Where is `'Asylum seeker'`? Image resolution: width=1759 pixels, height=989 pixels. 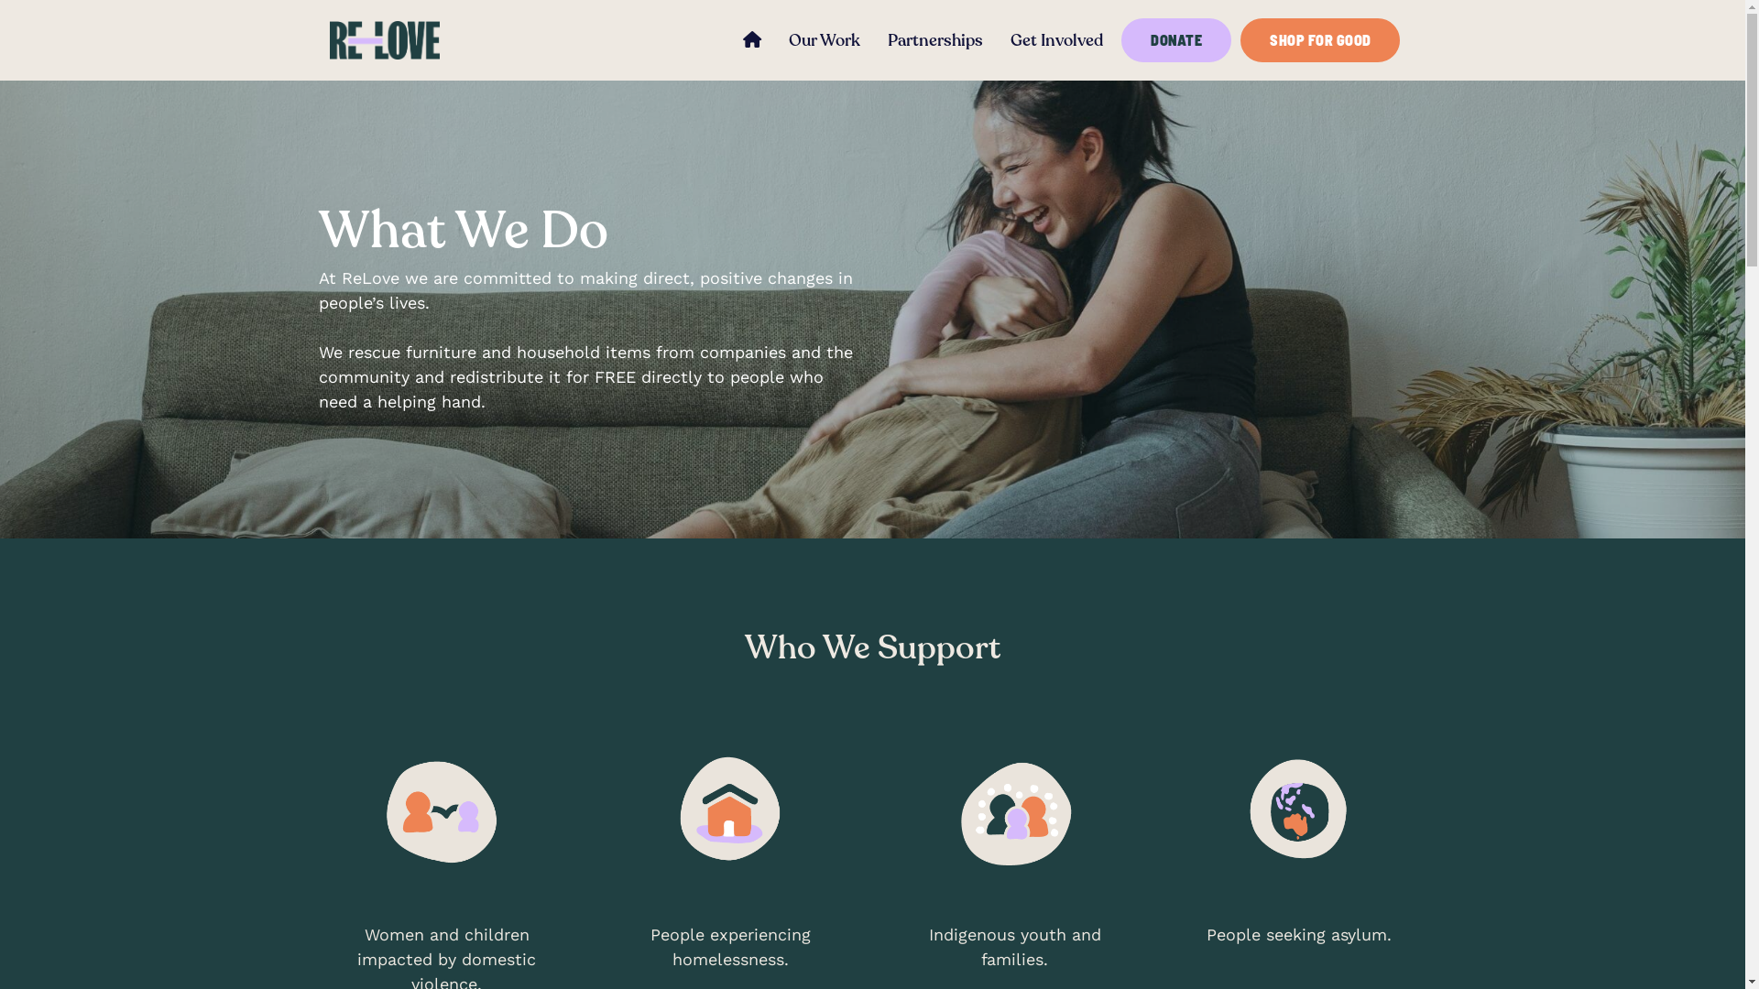 'Asylum seeker' is located at coordinates (1297, 810).